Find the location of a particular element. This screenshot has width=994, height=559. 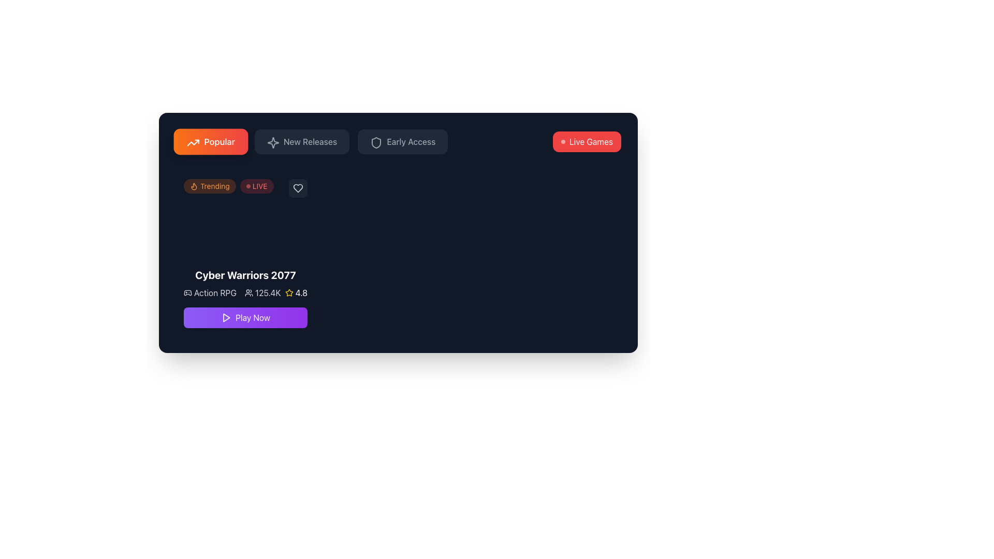

the 'Popular' button by interacting with the graphical icon that represents it, located in the top-left segment of the interface is located at coordinates (193, 143).